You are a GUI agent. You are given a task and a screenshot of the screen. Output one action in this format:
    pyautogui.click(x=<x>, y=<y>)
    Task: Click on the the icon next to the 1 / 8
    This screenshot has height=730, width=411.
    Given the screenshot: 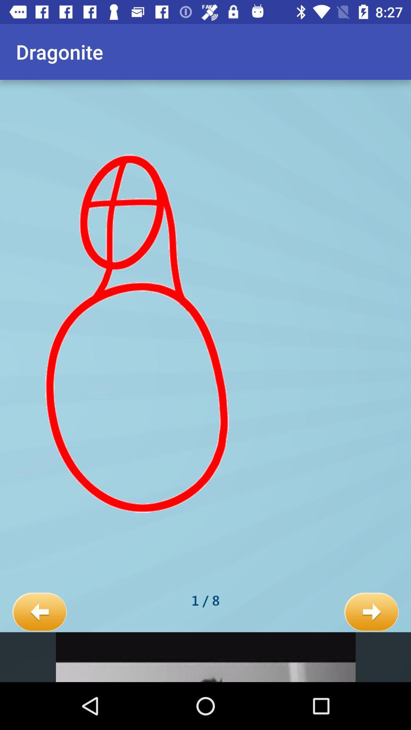 What is the action you would take?
    pyautogui.click(x=39, y=612)
    